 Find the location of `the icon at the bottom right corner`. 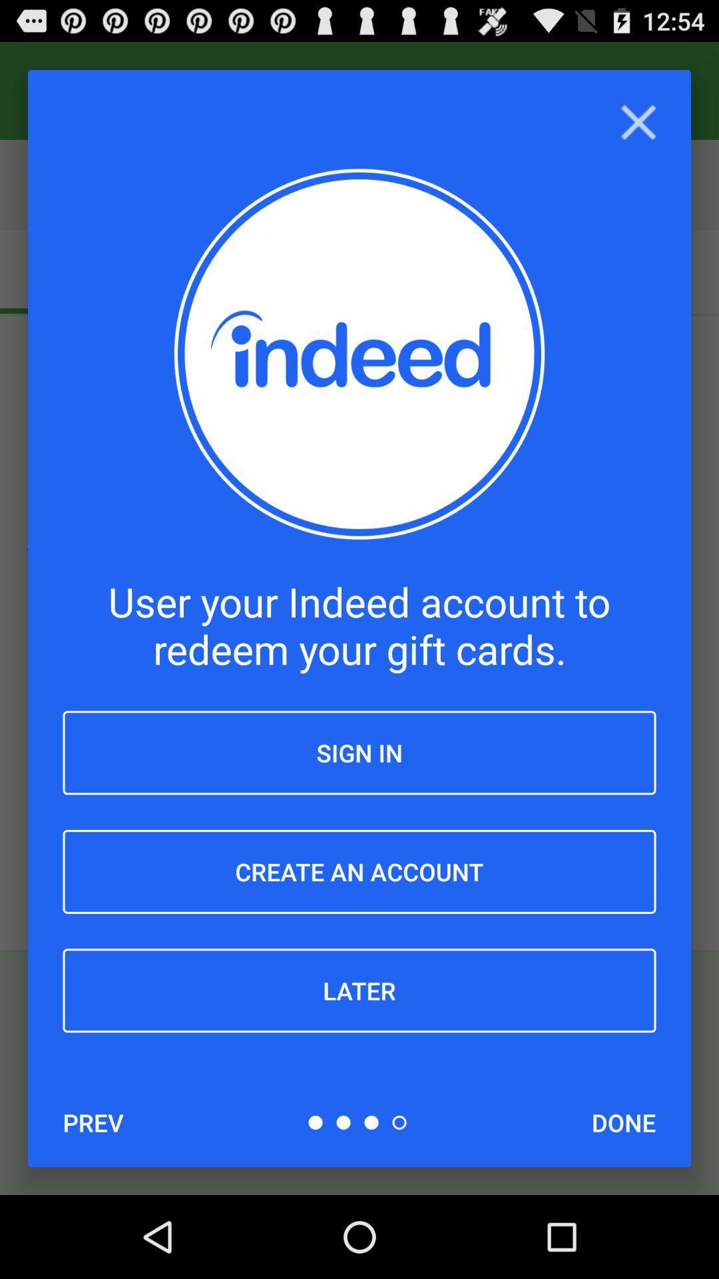

the icon at the bottom right corner is located at coordinates (624, 1122).